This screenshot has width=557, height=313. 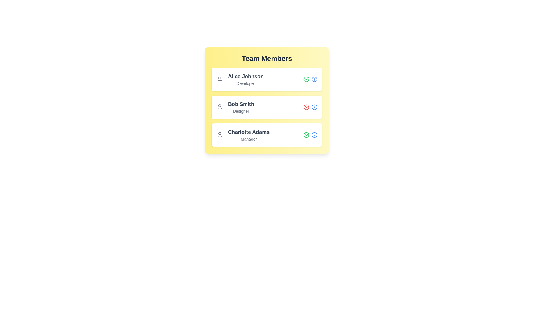 I want to click on the status icon of the user Charlotte Adams to observe their active/inactive status, so click(x=306, y=135).